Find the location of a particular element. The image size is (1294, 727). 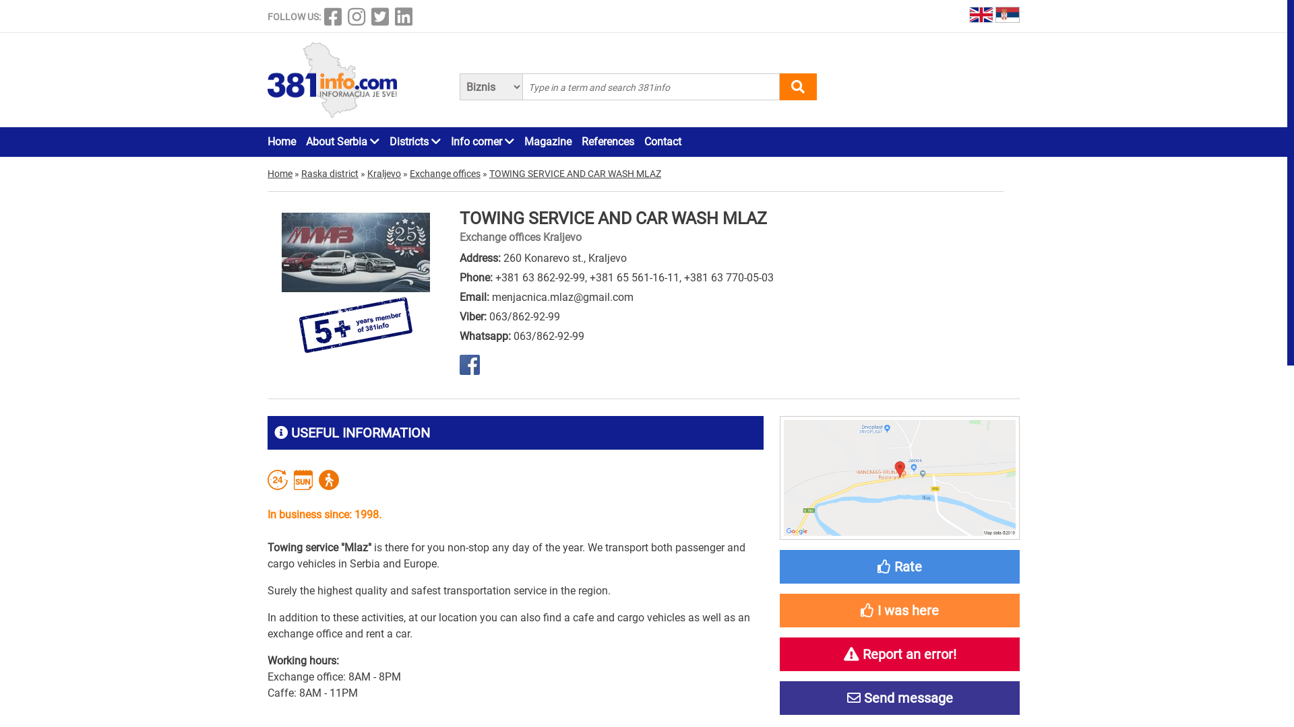

'+381 63 770-05-03' is located at coordinates (683, 277).